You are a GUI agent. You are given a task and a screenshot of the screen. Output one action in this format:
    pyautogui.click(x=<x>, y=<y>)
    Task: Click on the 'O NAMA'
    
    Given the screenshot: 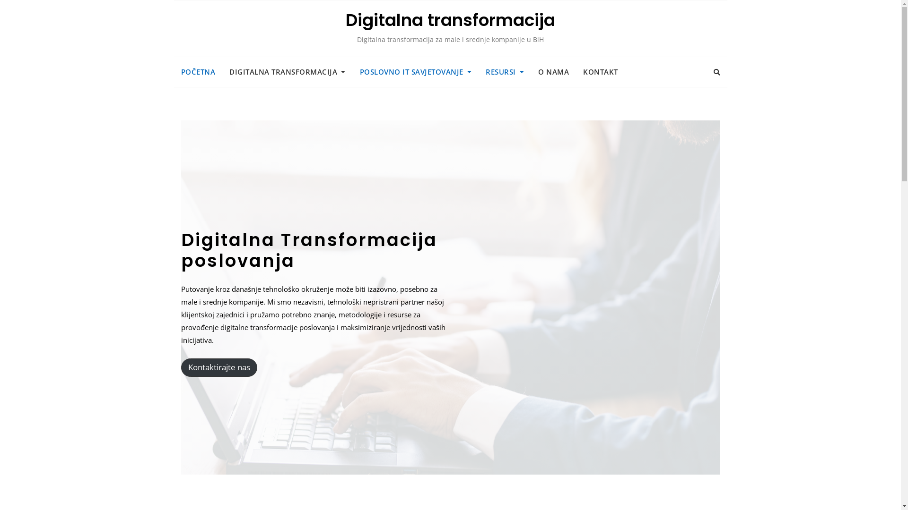 What is the action you would take?
    pyautogui.click(x=531, y=71)
    